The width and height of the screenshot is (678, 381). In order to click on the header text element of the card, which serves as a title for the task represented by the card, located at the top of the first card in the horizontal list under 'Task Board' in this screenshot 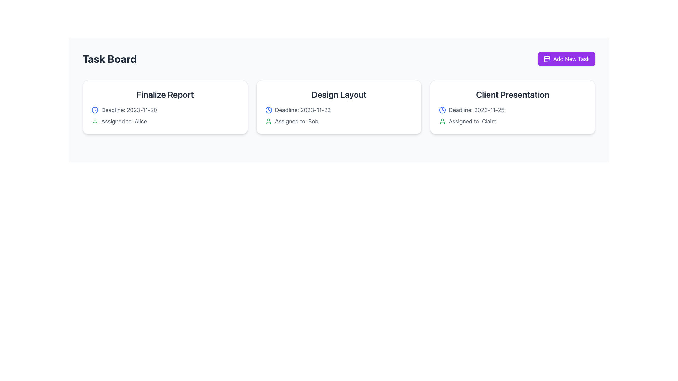, I will do `click(165, 94)`.